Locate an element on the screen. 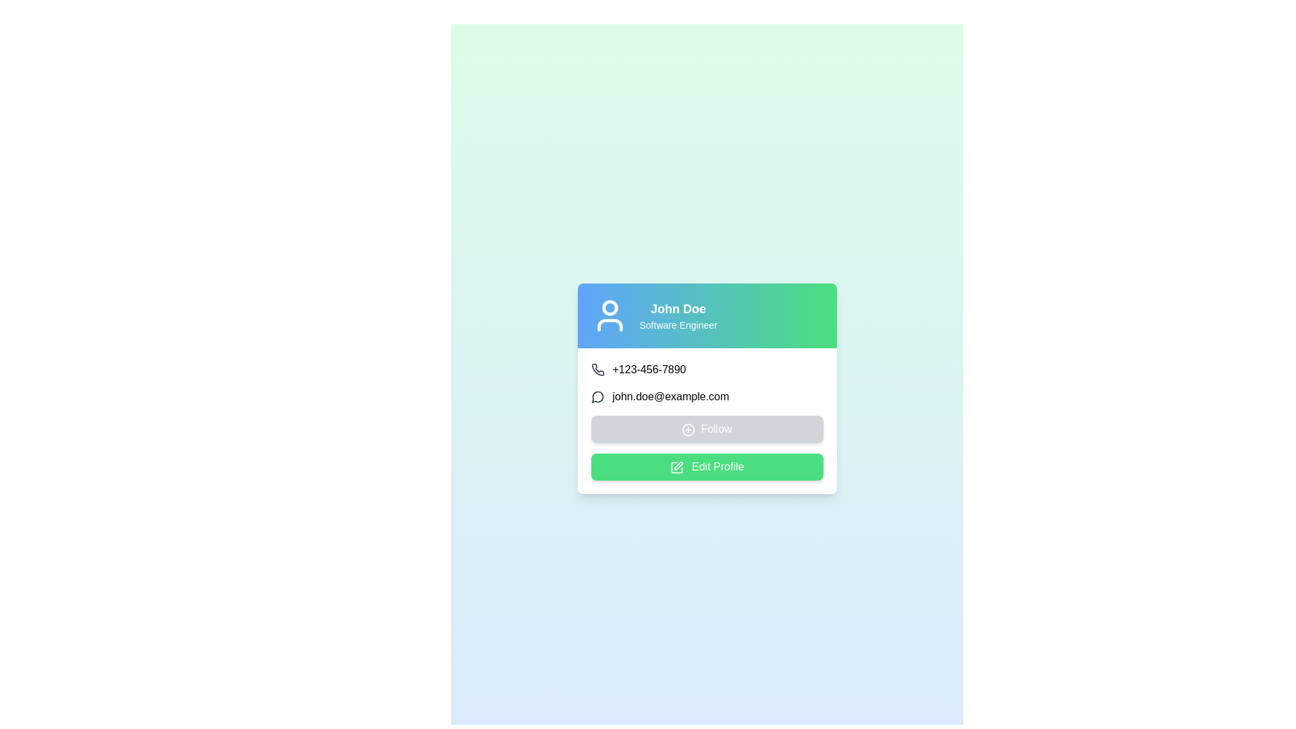  the text label providing the profession or title associated with 'John Doe', which is located below the name in the profile card header section is located at coordinates (678, 325).